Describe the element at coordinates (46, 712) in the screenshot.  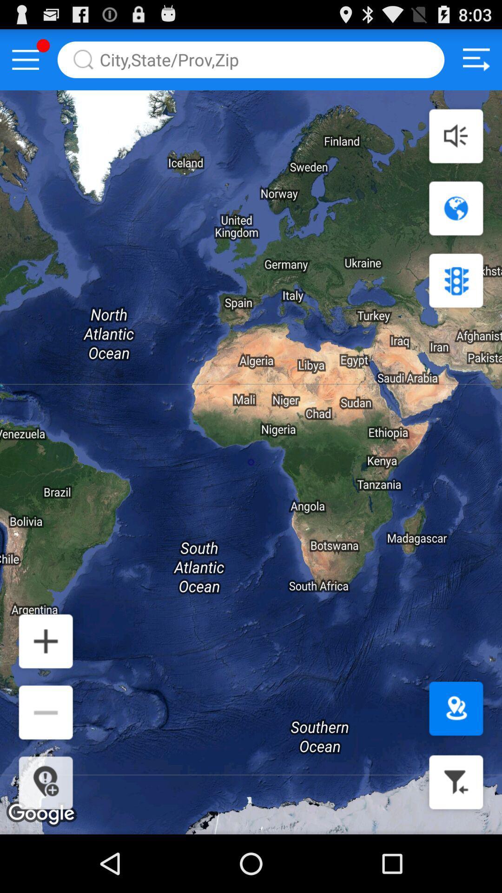
I see `zoom out` at that location.